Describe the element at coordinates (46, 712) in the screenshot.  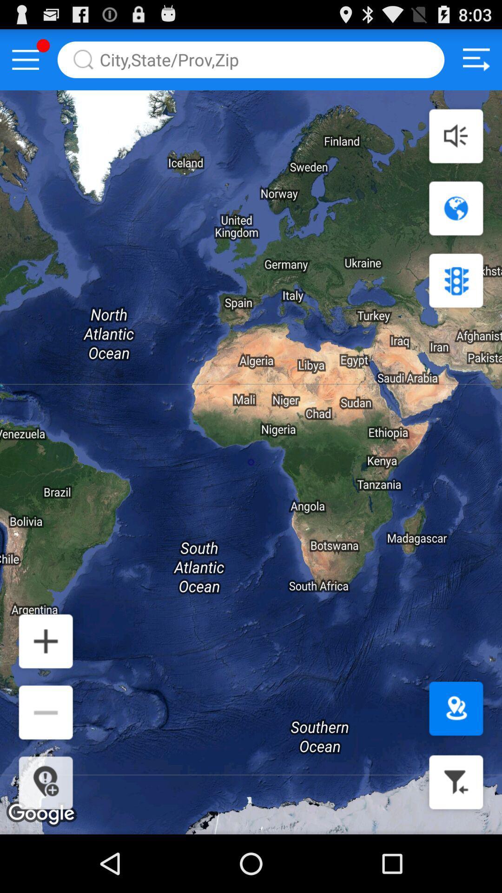
I see `zoom out` at that location.